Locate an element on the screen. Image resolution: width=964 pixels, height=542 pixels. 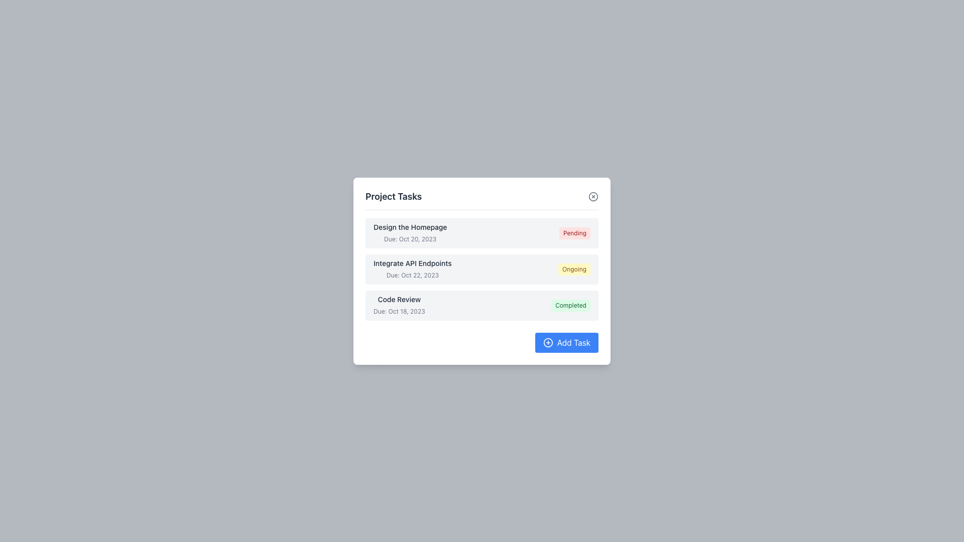
the circular icon element within the 'Add Task' button located in the bottom-right corner of the task management popup is located at coordinates (547, 342).